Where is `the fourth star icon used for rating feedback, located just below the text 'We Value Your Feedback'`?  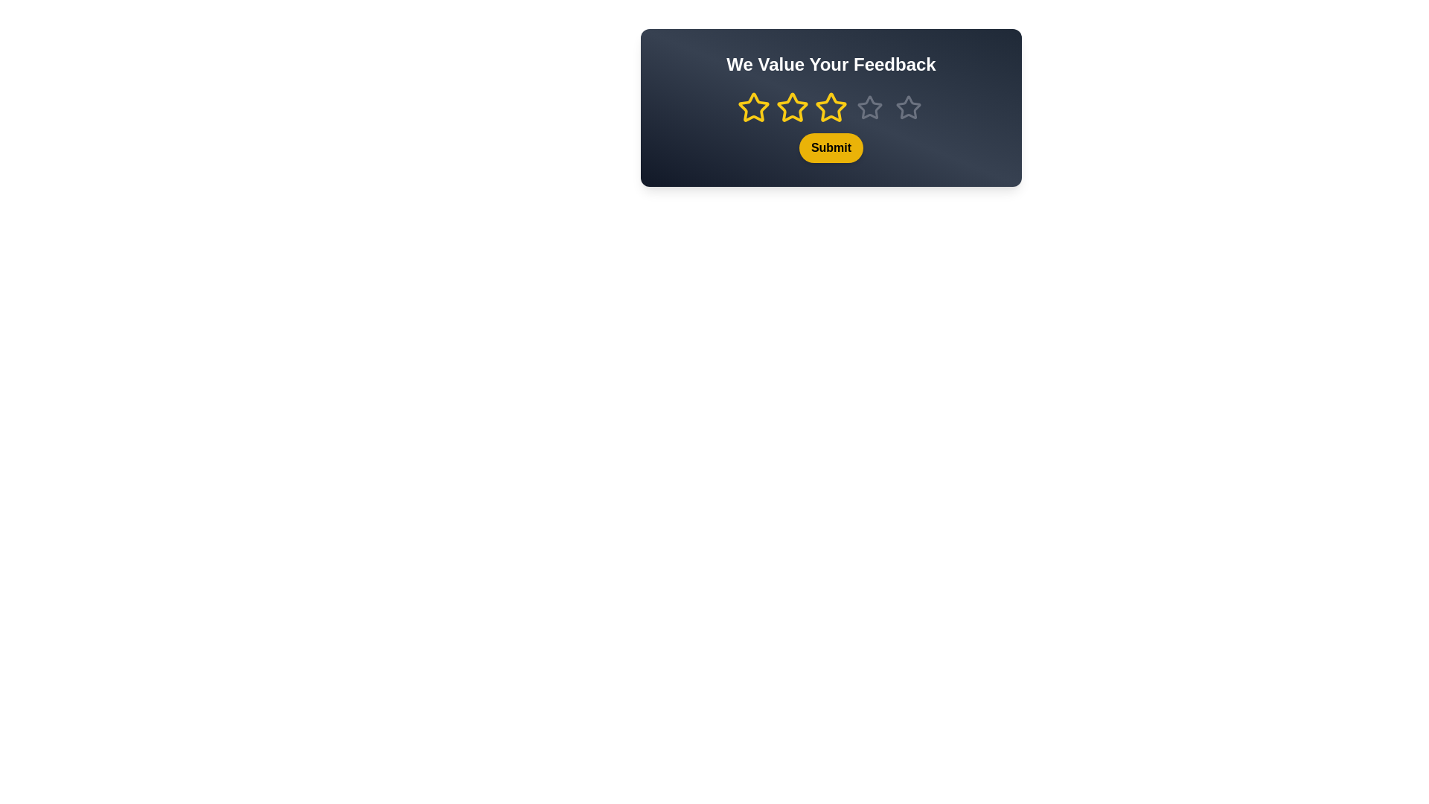
the fourth star icon used for rating feedback, located just below the text 'We Value Your Feedback' is located at coordinates (870, 107).